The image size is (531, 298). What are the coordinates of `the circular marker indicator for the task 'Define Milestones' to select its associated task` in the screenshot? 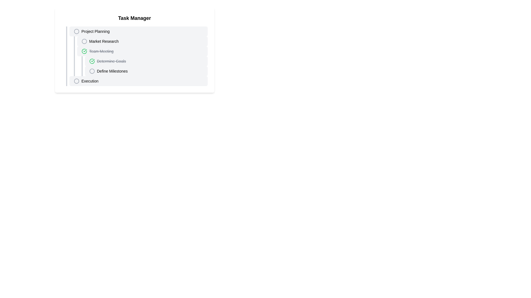 It's located at (92, 71).